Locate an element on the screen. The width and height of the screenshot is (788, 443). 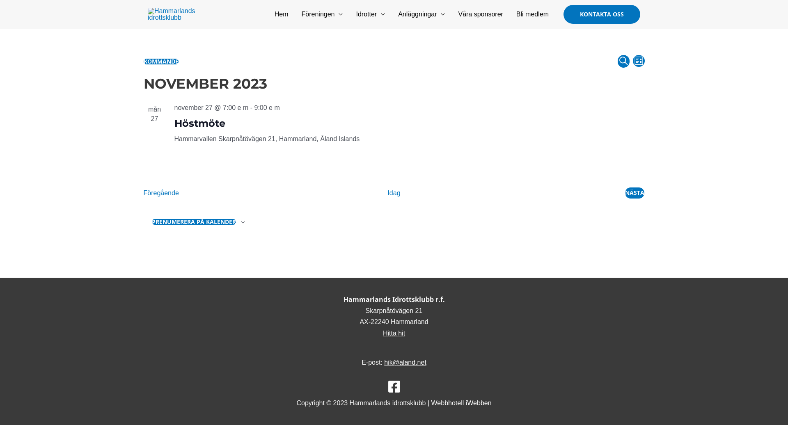
'hik@aland.net' is located at coordinates (405, 362).